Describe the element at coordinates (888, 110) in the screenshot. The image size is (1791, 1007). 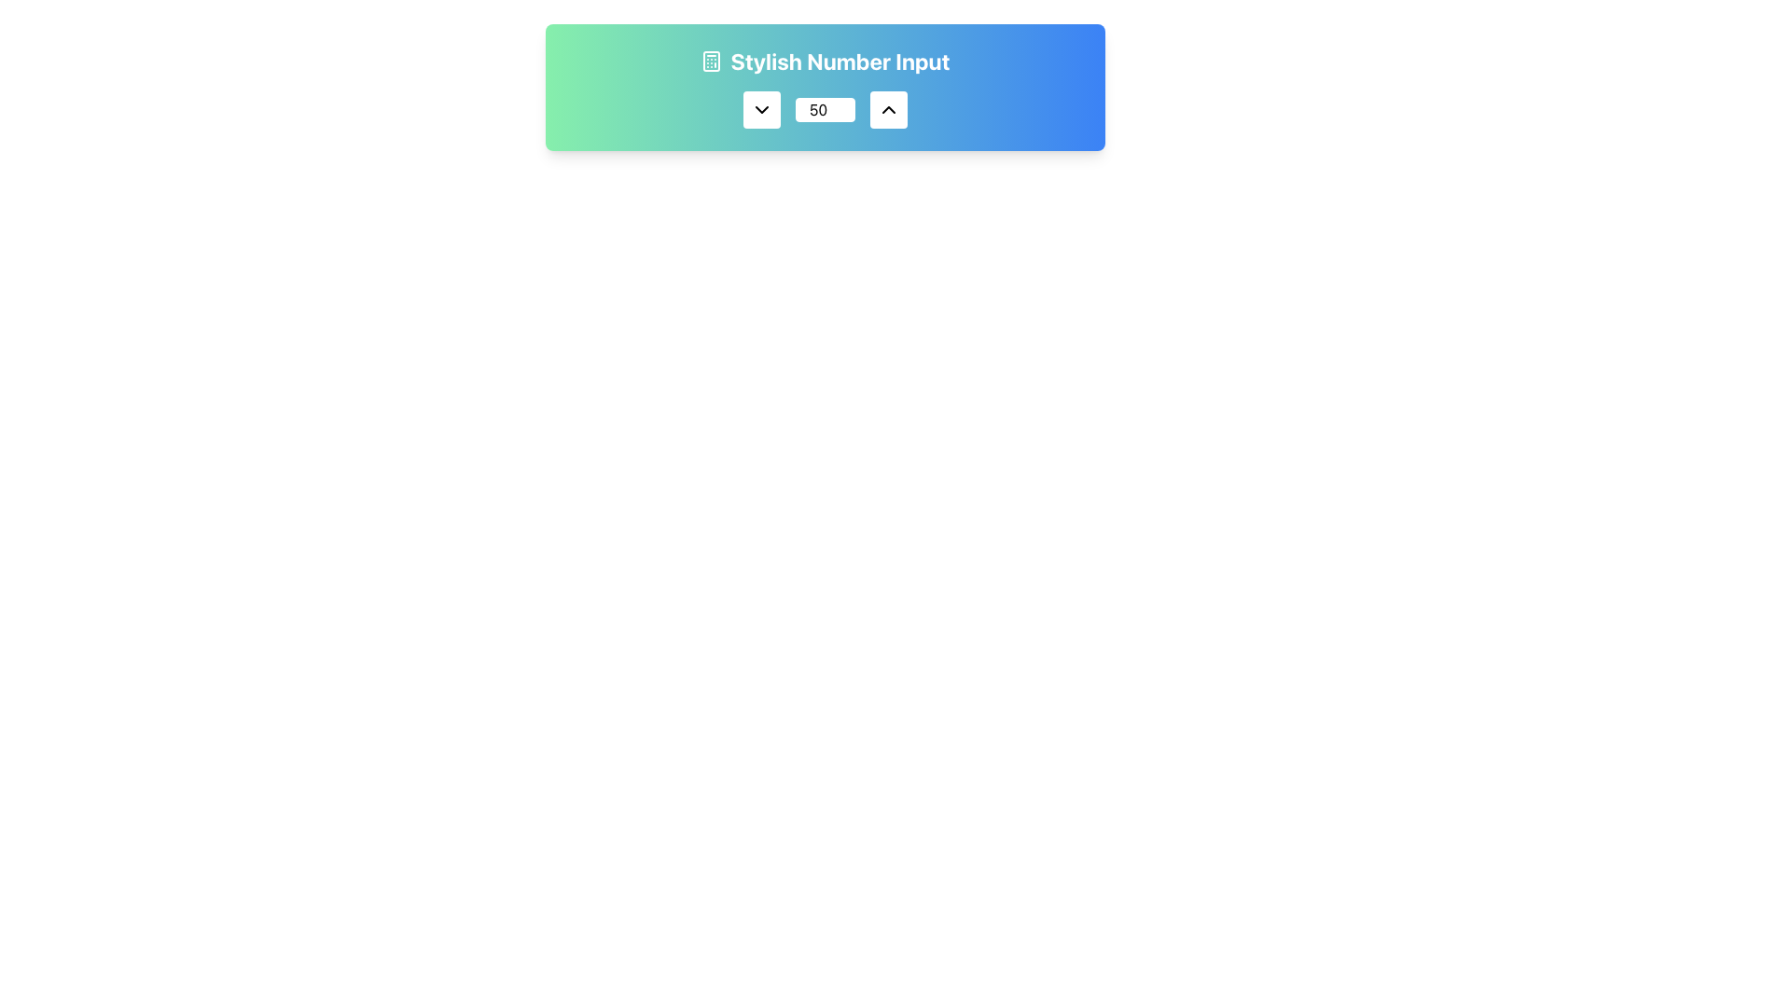
I see `the button with an upward chevron icon located to the right of the numeric input field displaying '50' to increase the number` at that location.